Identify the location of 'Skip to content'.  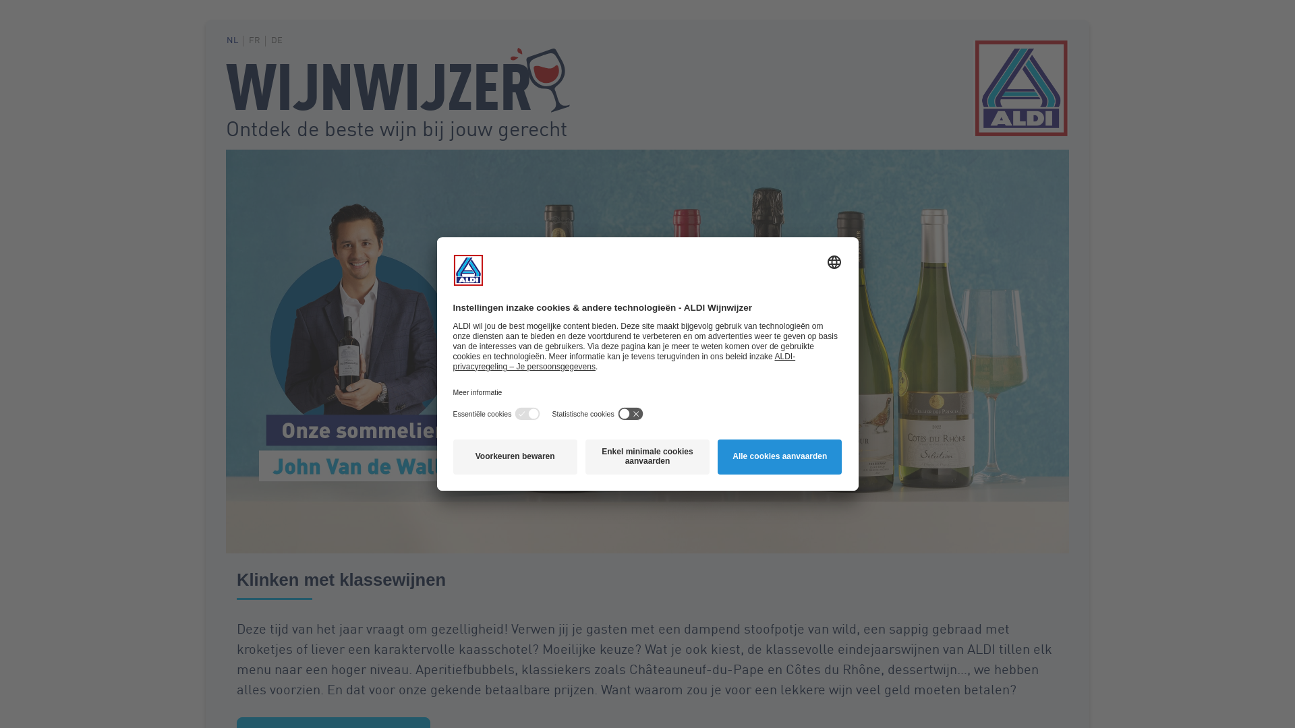
(225, 39).